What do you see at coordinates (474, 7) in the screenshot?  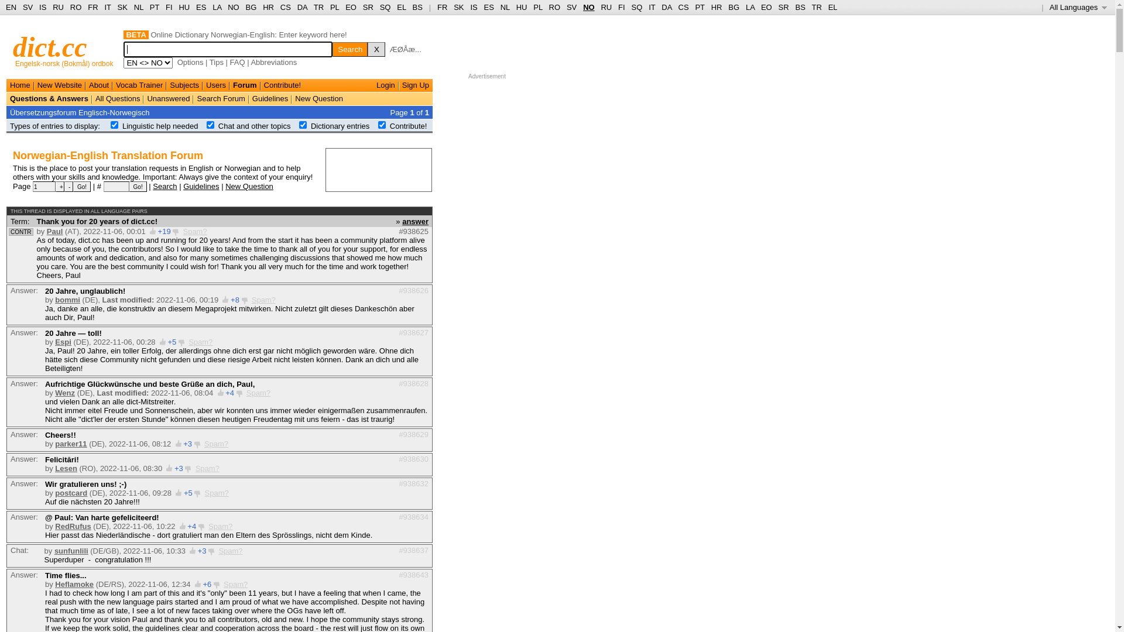 I see `'IS'` at bounding box center [474, 7].